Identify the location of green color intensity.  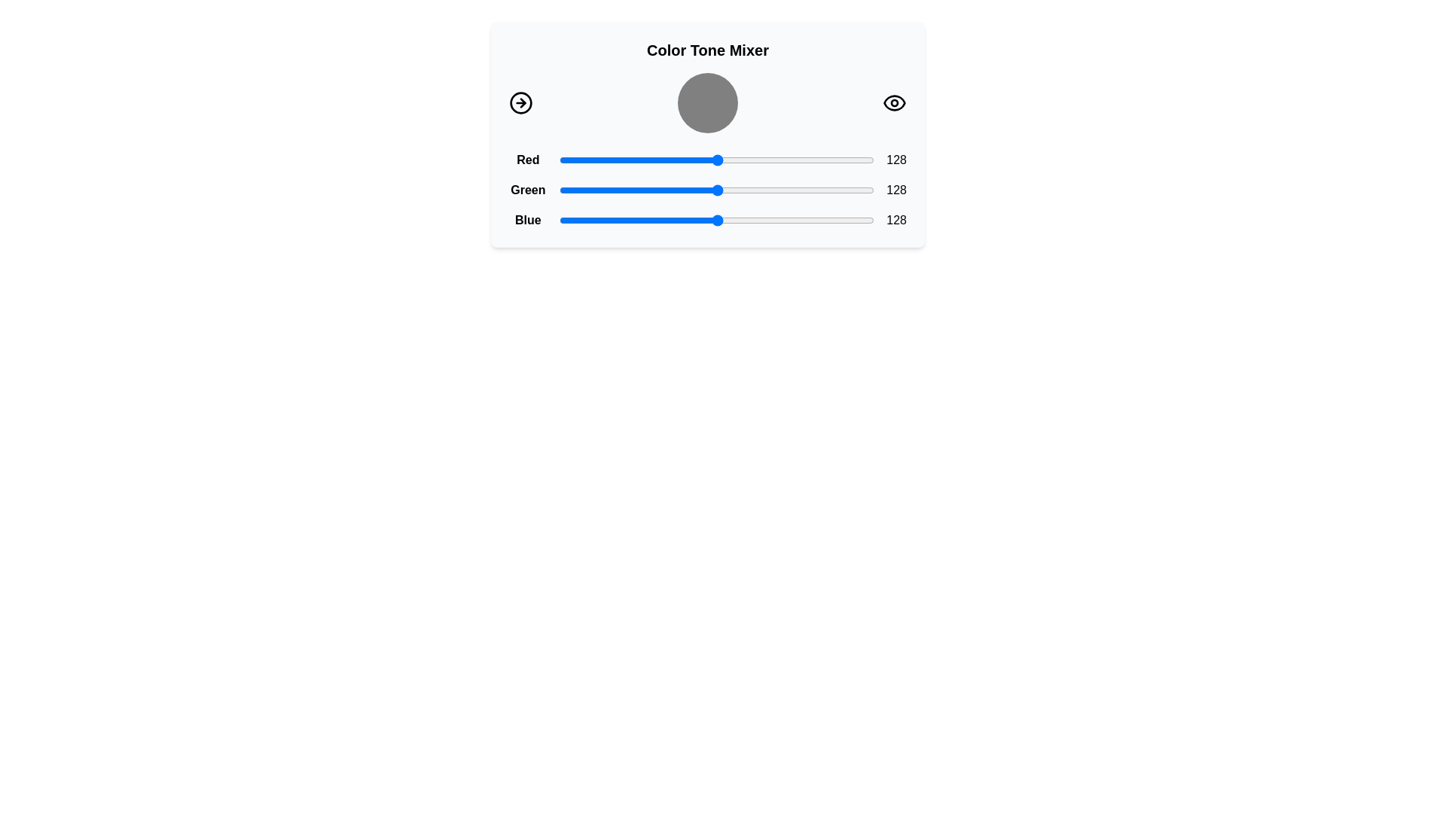
(681, 190).